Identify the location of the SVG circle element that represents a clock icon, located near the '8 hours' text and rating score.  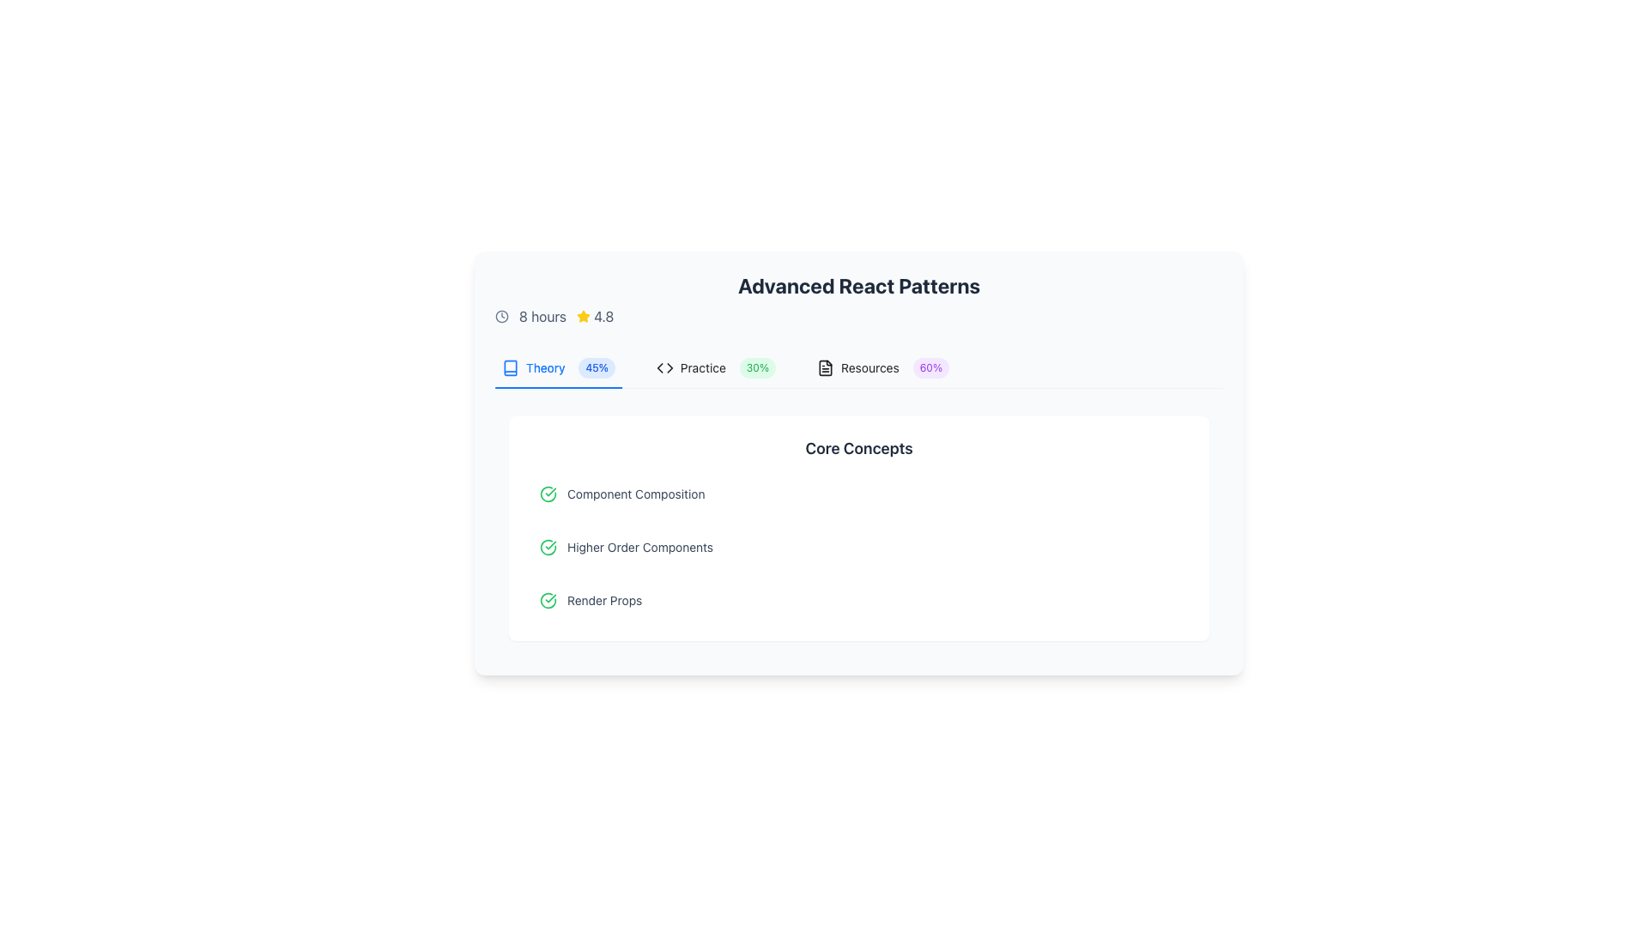
(501, 317).